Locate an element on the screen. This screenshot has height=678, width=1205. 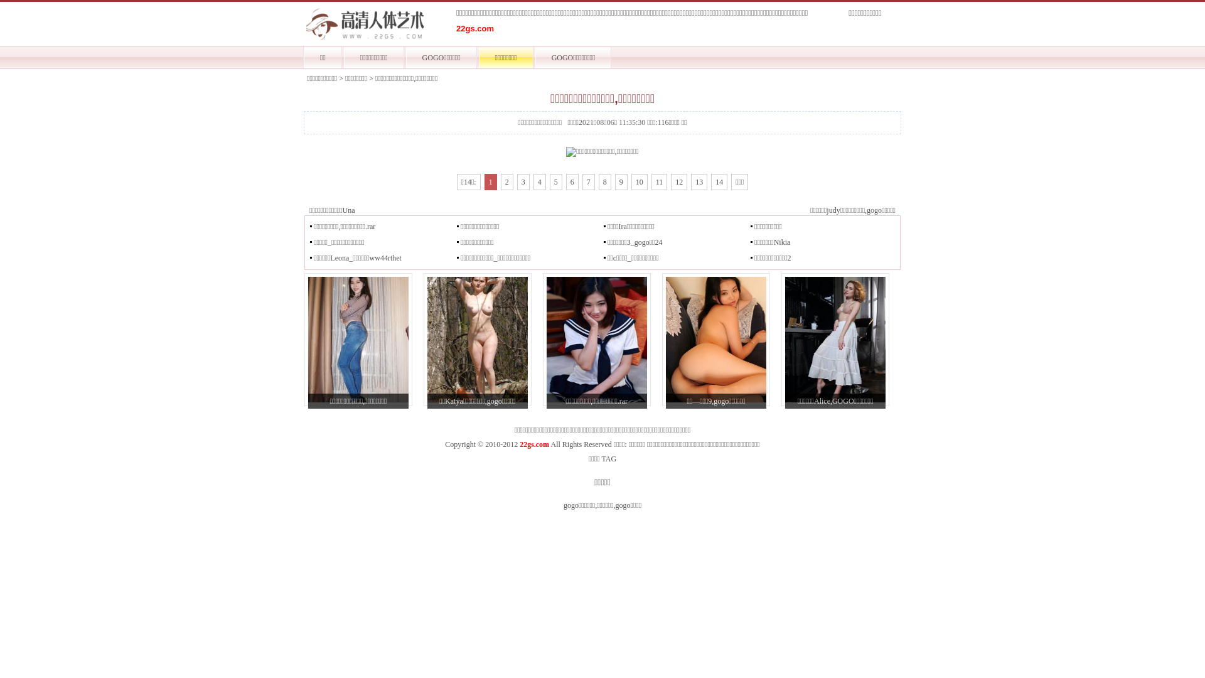
'5' is located at coordinates (555, 181).